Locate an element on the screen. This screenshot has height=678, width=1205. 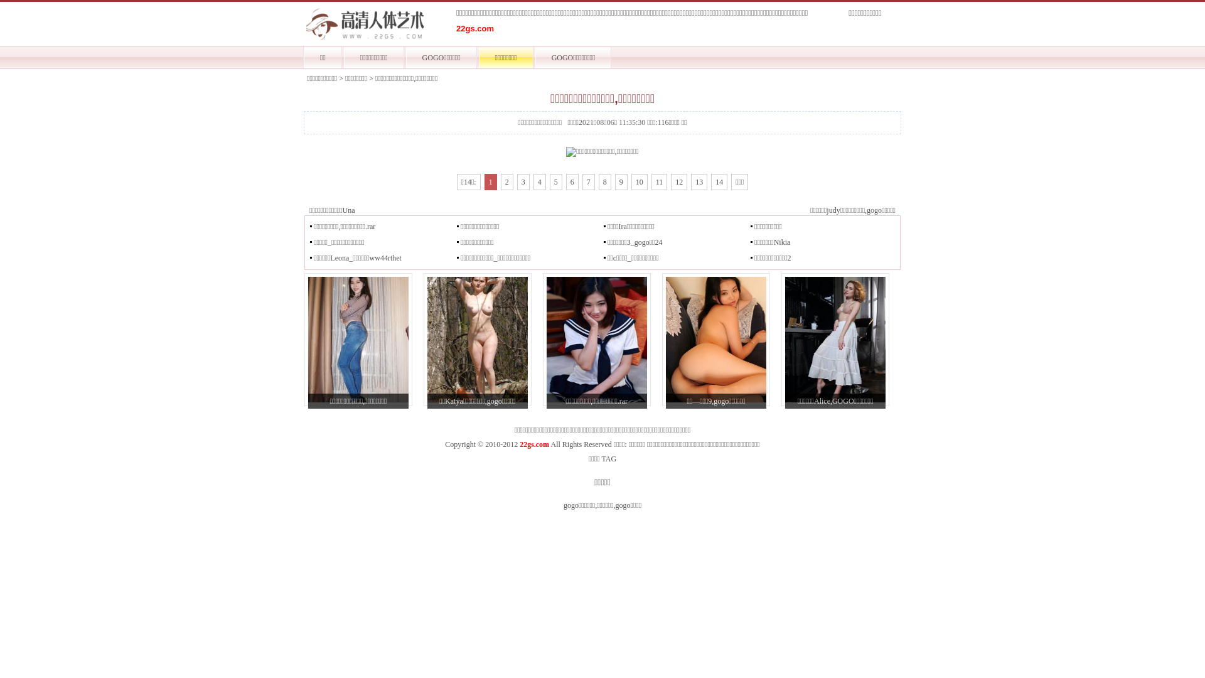
'5' is located at coordinates (555, 181).